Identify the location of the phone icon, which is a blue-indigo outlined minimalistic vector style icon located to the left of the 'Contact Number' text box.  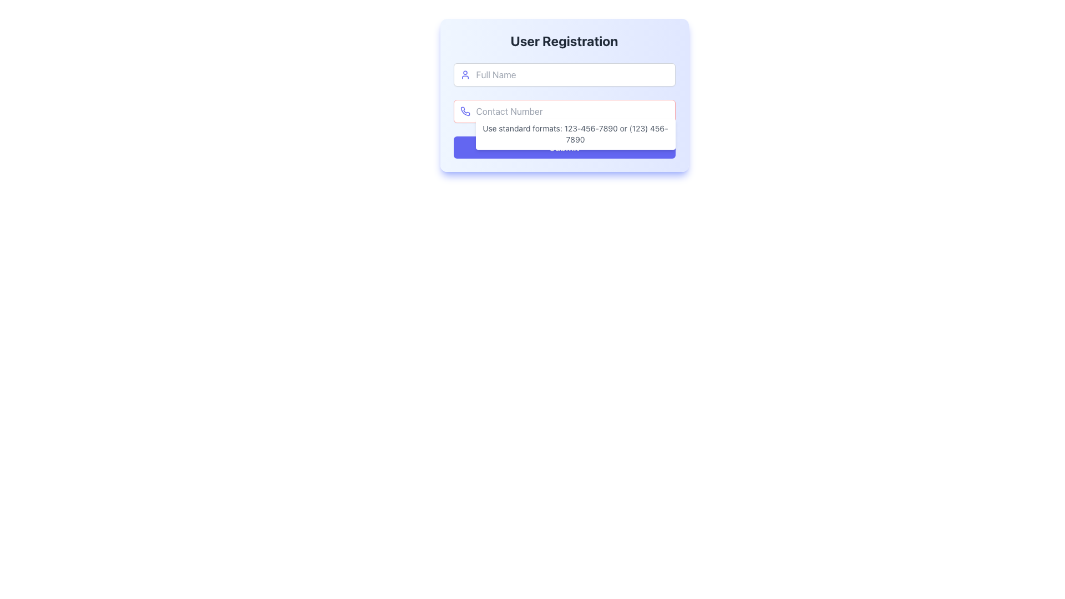
(465, 111).